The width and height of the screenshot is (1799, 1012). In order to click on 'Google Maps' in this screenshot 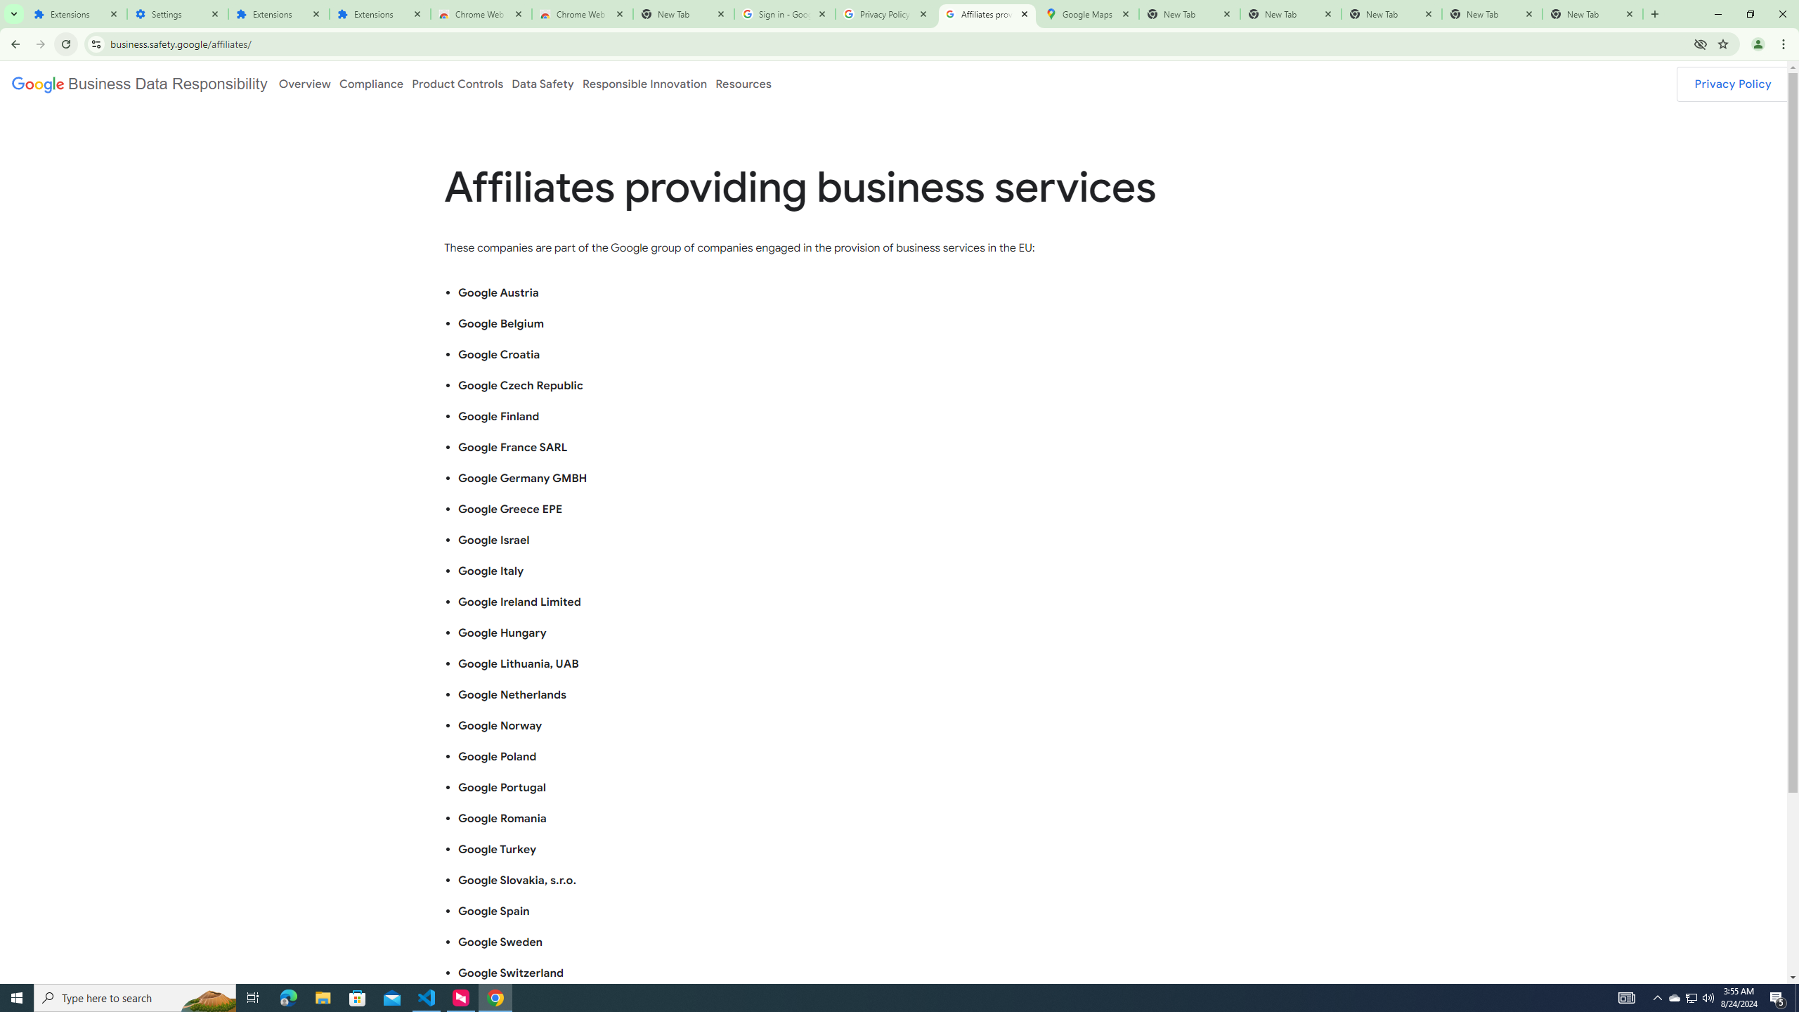, I will do `click(1088, 13)`.